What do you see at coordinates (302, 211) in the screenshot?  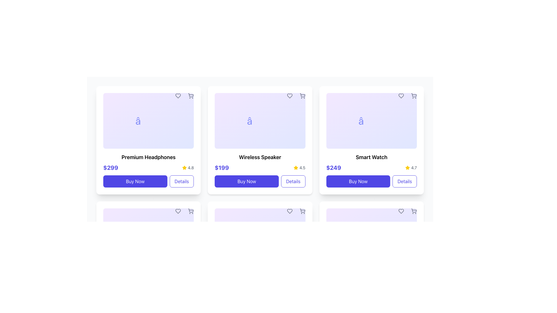 I see `the 'Add to Cart' icon button located at the top-right corner of the product card for the 'Wireless Speaker'` at bounding box center [302, 211].